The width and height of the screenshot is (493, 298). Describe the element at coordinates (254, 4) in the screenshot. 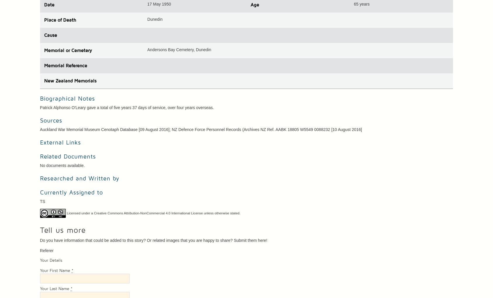

I see `'Age'` at that location.